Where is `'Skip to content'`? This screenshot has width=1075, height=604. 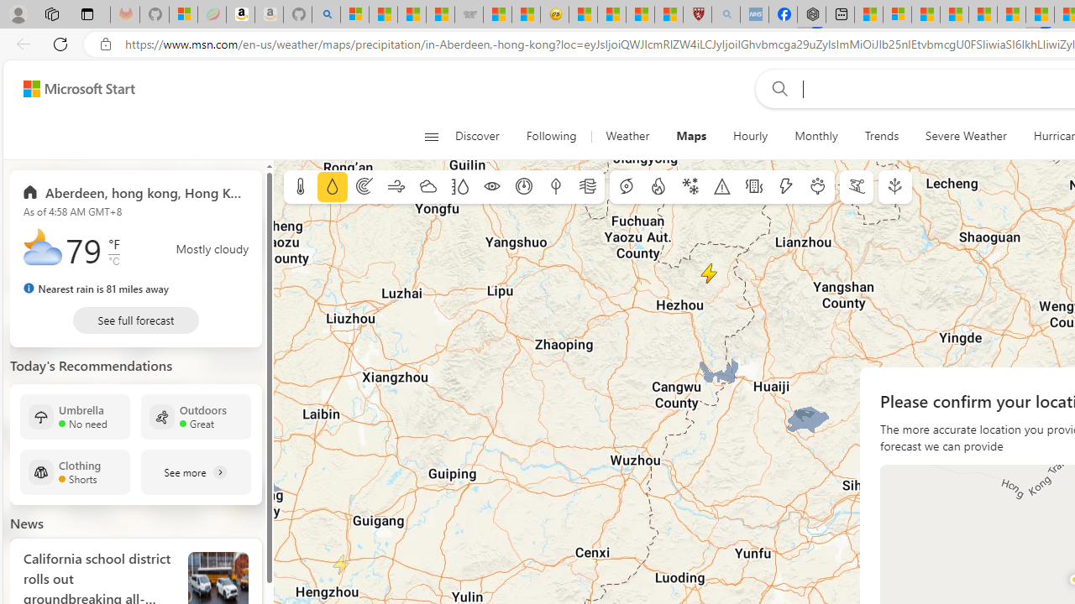
'Skip to content' is located at coordinates (72, 88).